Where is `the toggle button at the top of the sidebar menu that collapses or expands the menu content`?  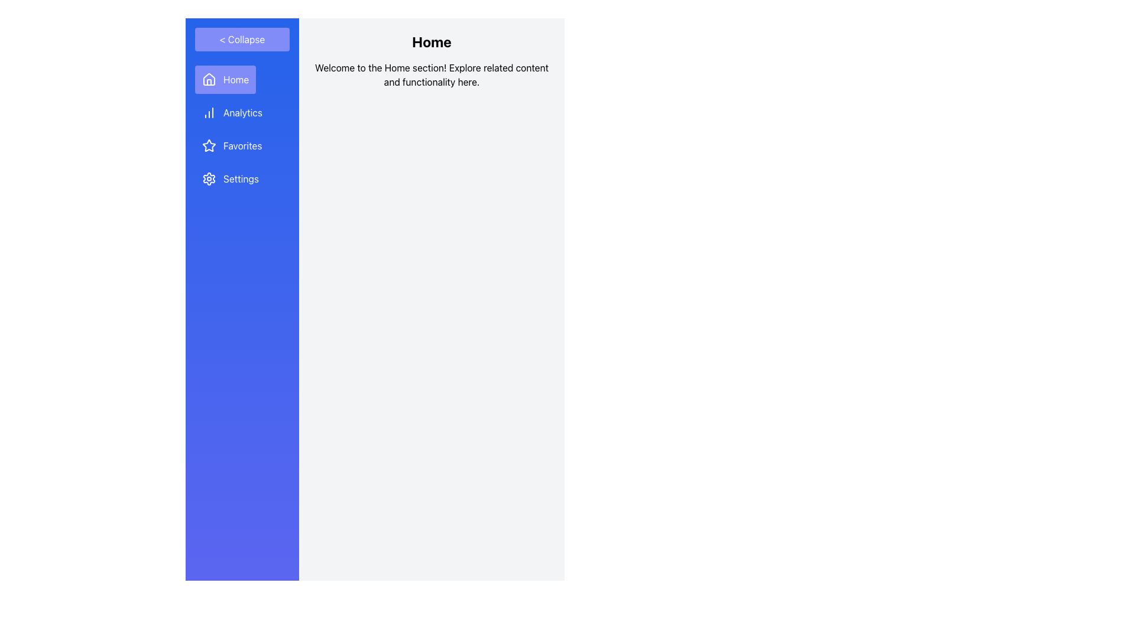 the toggle button at the top of the sidebar menu that collapses or expands the menu content is located at coordinates (242, 38).